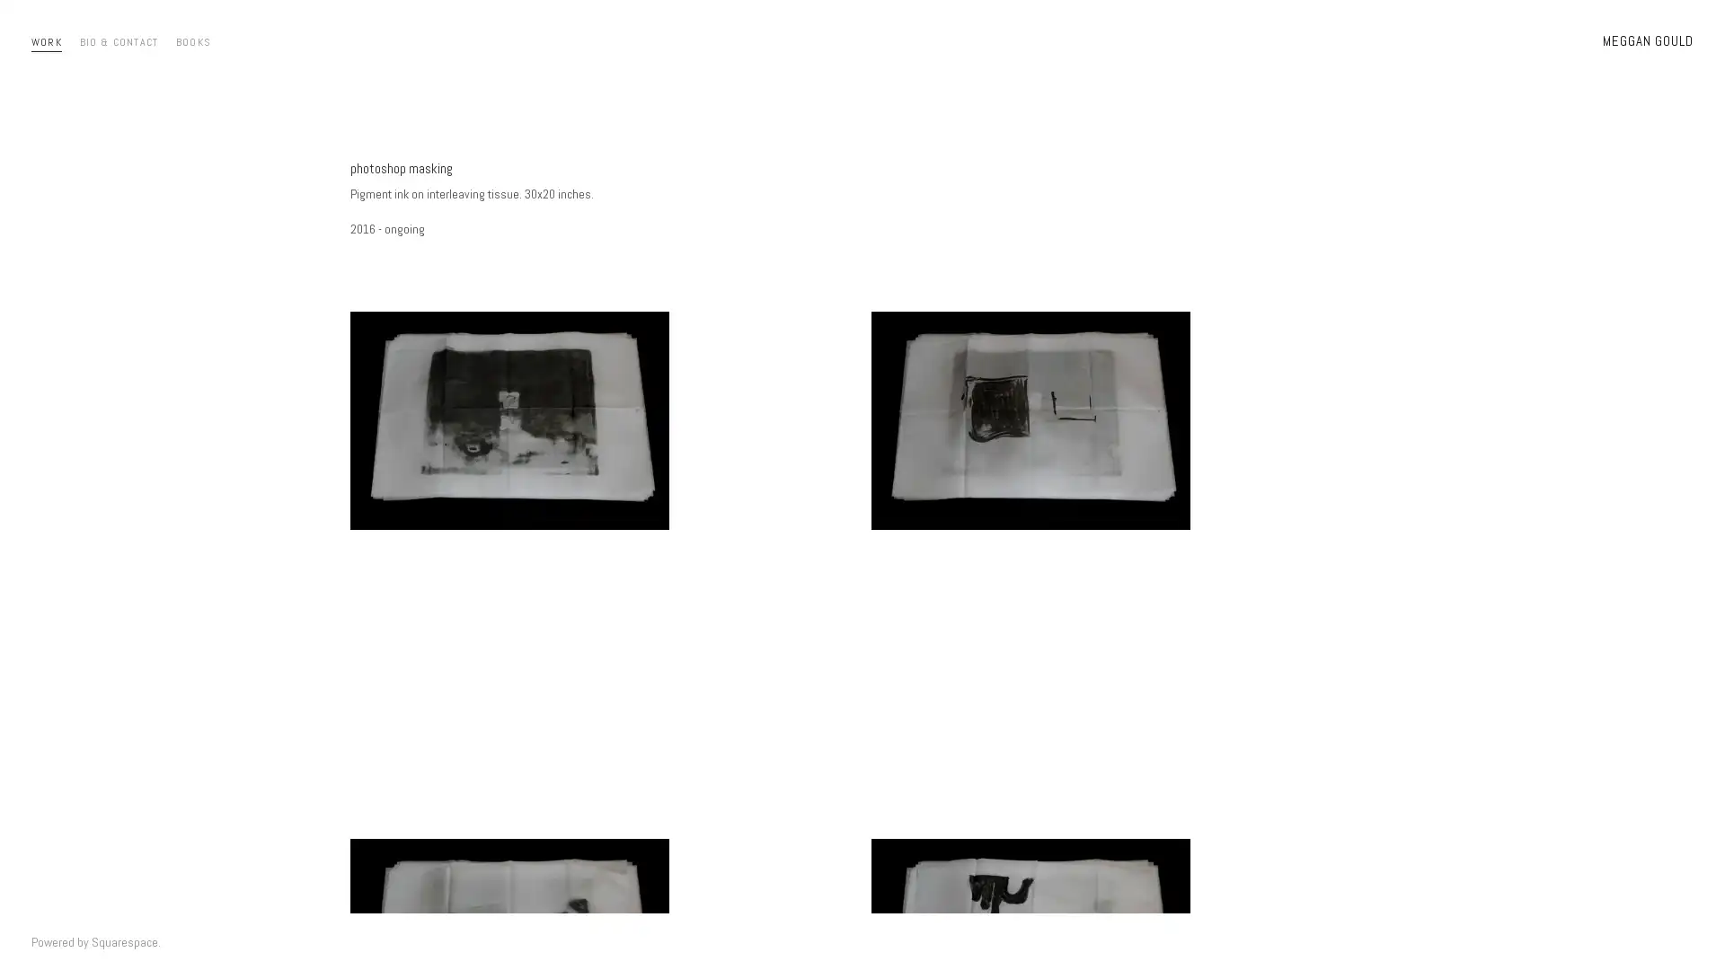 The height and width of the screenshot is (970, 1725). I want to click on View fullsize masks2016-43.jpg, so click(602, 512).